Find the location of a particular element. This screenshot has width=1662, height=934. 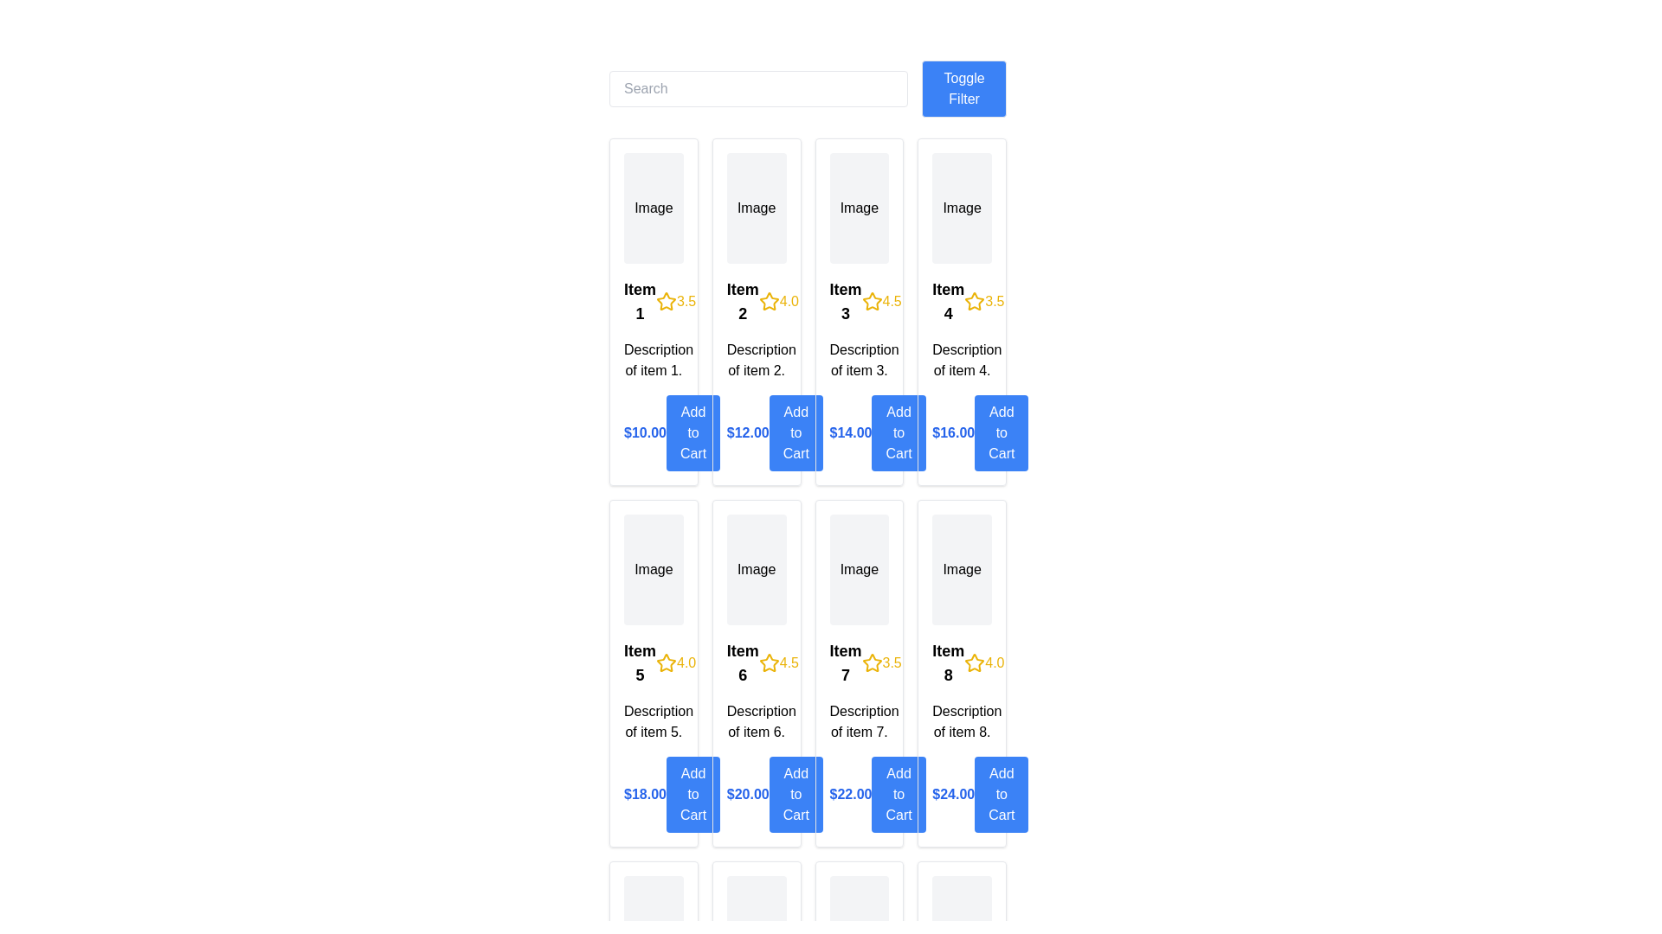

the Image placeholder element, which has a light gray background and the text 'Image' centered within it, located in the second row, first column of the grid for 'Item 5' is located at coordinates (653, 570).